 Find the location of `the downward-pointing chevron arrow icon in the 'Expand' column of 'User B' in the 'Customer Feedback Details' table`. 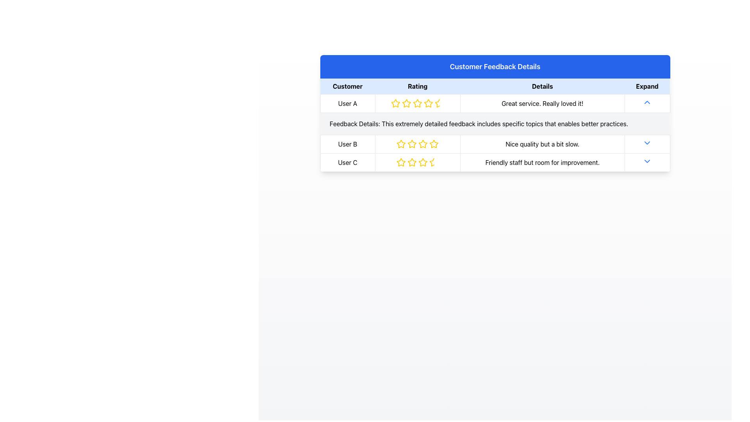

the downward-pointing chevron arrow icon in the 'Expand' column of 'User B' in the 'Customer Feedback Details' table is located at coordinates (647, 143).